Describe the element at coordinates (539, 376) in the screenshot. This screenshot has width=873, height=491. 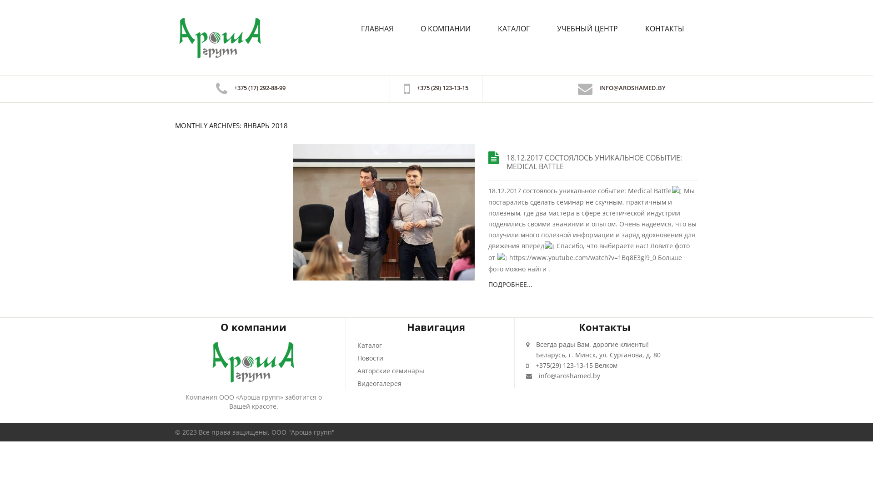
I see `'info@aroshamed.by'` at that location.